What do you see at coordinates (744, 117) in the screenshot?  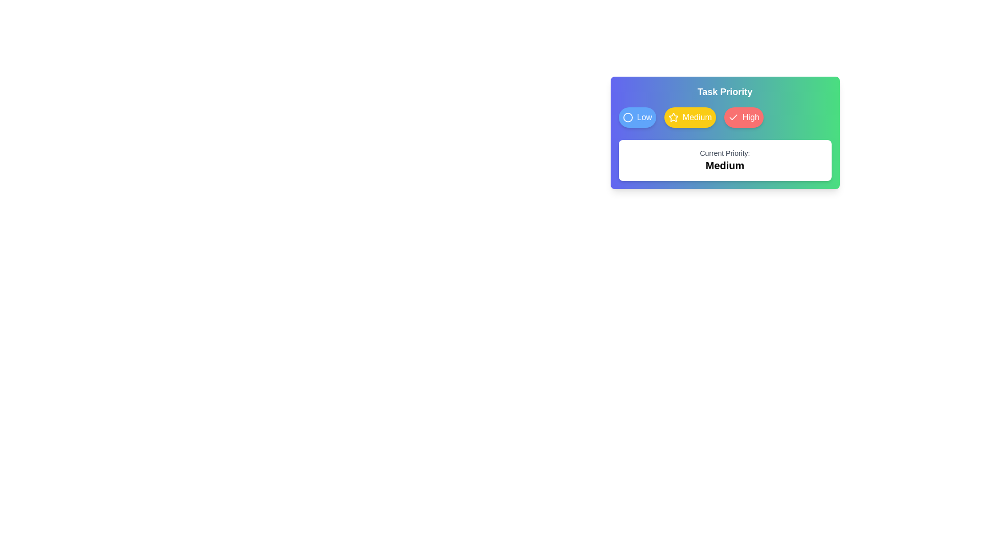 I see `the rightmost button labeled 'High'` at bounding box center [744, 117].